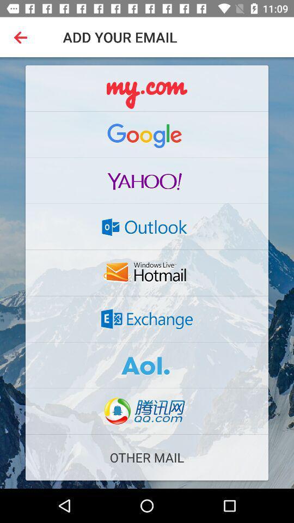  I want to click on google, so click(147, 133).